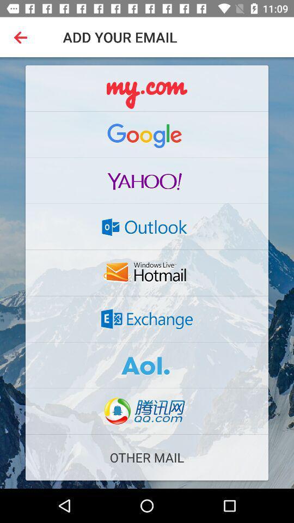  I want to click on google, so click(147, 133).